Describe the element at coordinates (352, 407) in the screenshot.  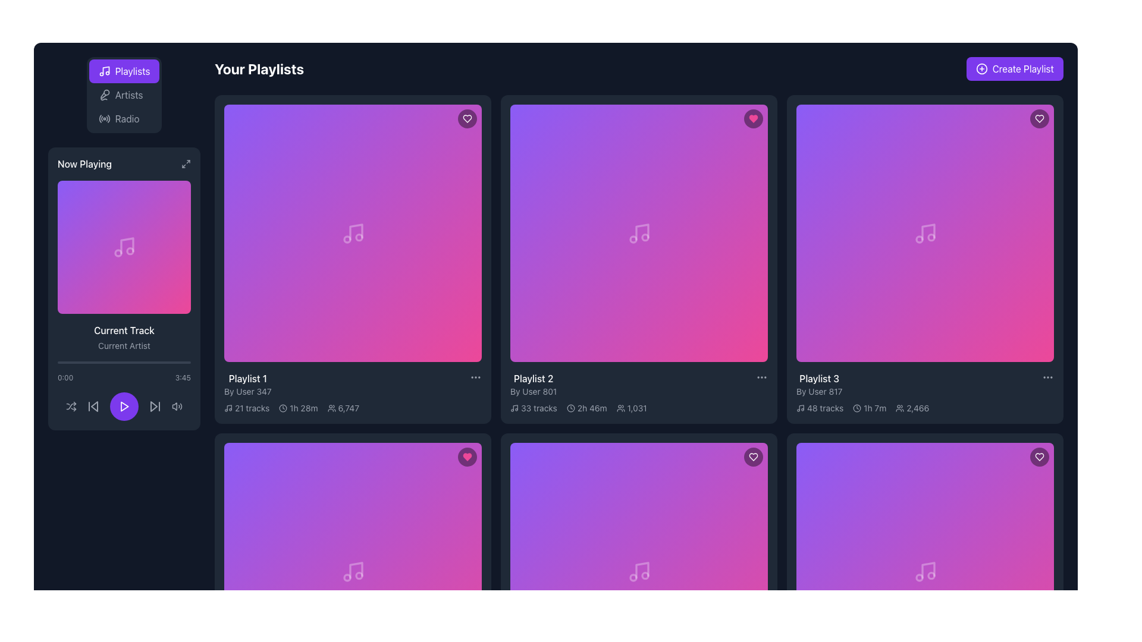
I see `metadata information displayed in the informational group located at the bottom of the 'Playlist 1' card, positioned to the left of the heart icon` at that location.